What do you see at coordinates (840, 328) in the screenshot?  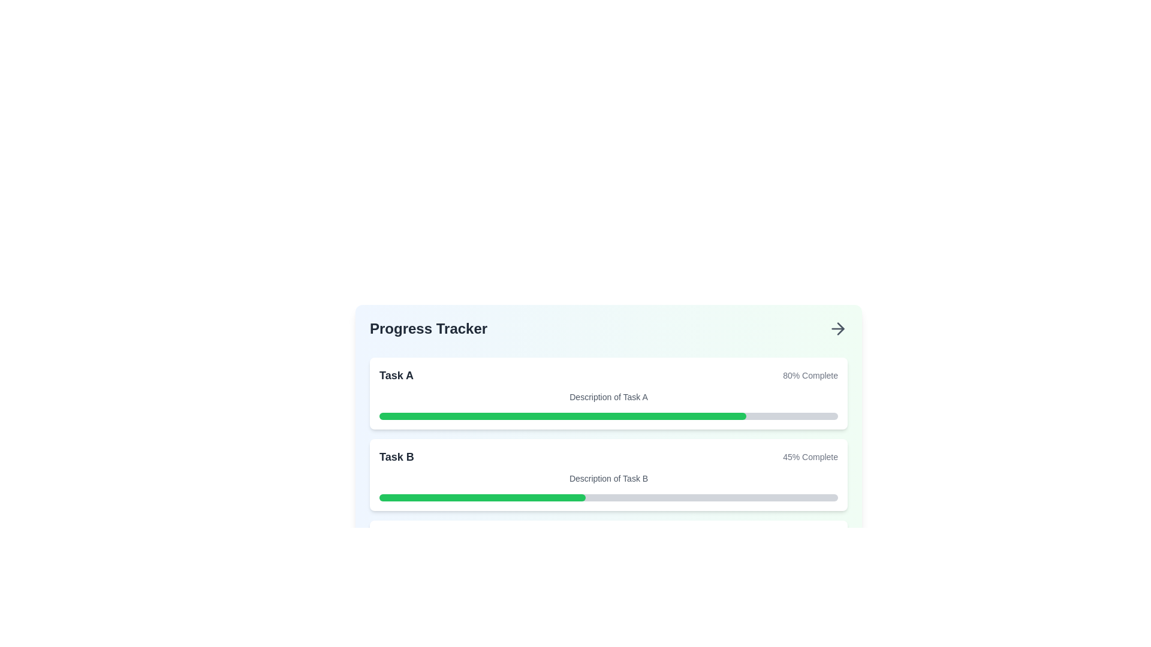 I see `the rightward-pointing arrow icon in the top-right corner of the tracker panel, which symbolizes navigation or progression` at bounding box center [840, 328].